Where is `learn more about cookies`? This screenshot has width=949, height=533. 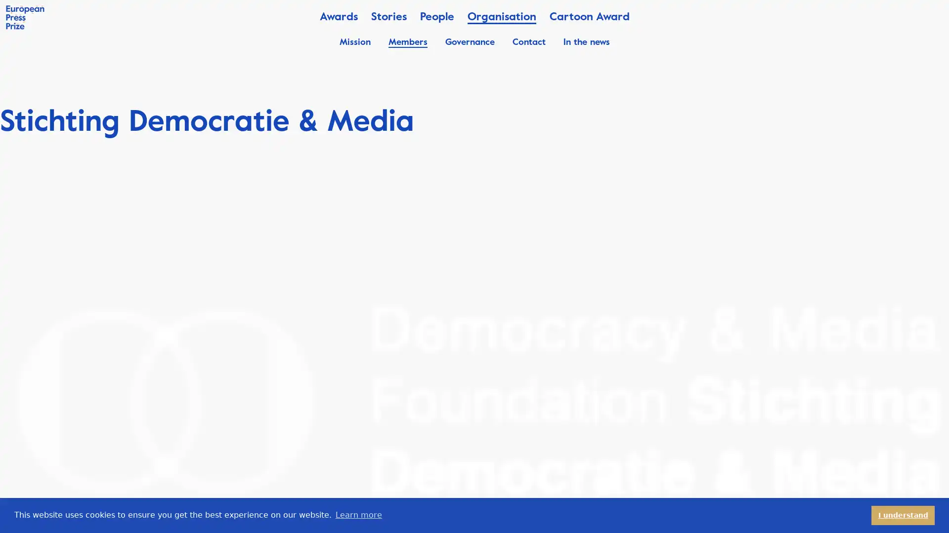
learn more about cookies is located at coordinates (358, 515).